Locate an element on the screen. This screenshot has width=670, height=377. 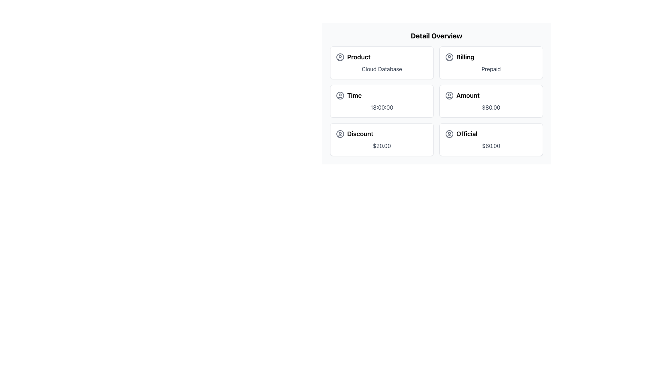
the Text label that describes the amount '$80.00', located in the middle-right card under 'Detail Overview', adjacent to a user icon is located at coordinates (468, 95).